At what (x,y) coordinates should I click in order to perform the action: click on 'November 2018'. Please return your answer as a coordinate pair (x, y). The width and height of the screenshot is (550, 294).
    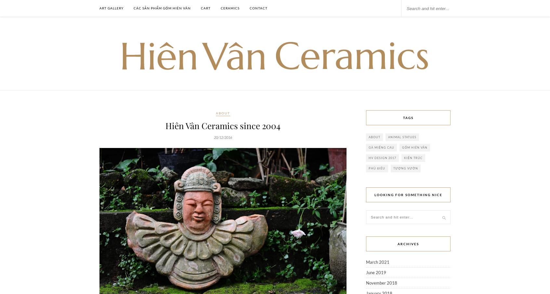
    Looking at the image, I should click on (381, 283).